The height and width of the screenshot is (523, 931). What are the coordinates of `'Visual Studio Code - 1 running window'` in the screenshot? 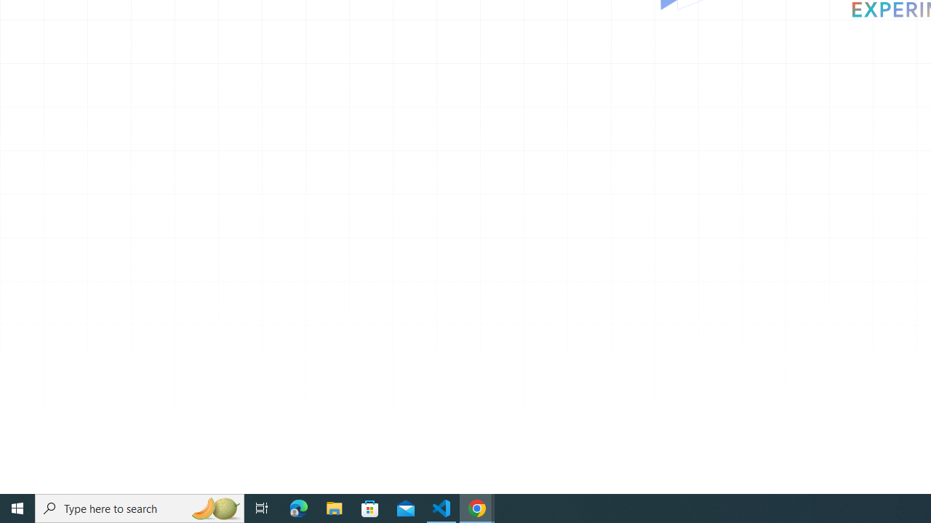 It's located at (441, 507).